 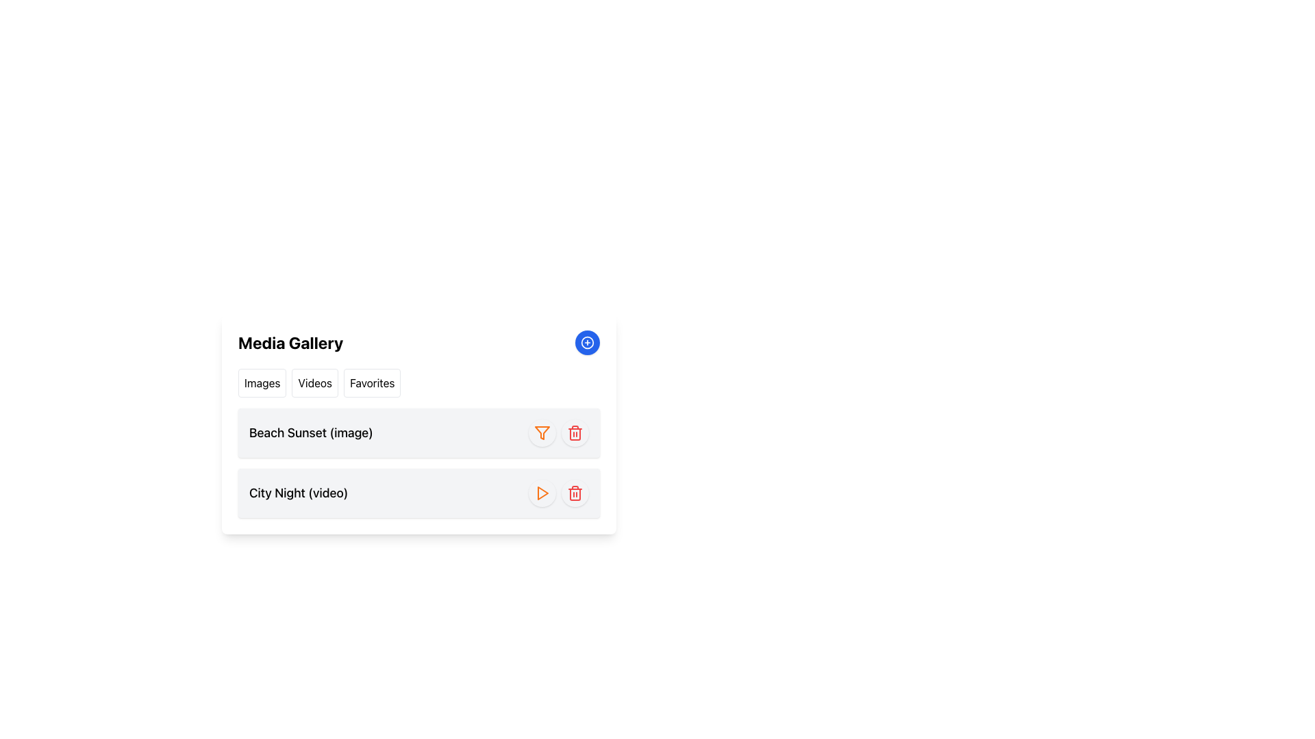 What do you see at coordinates (542, 432) in the screenshot?
I see `the filter/sort icon button located in the first media item row, to the left of the red trash icon` at bounding box center [542, 432].